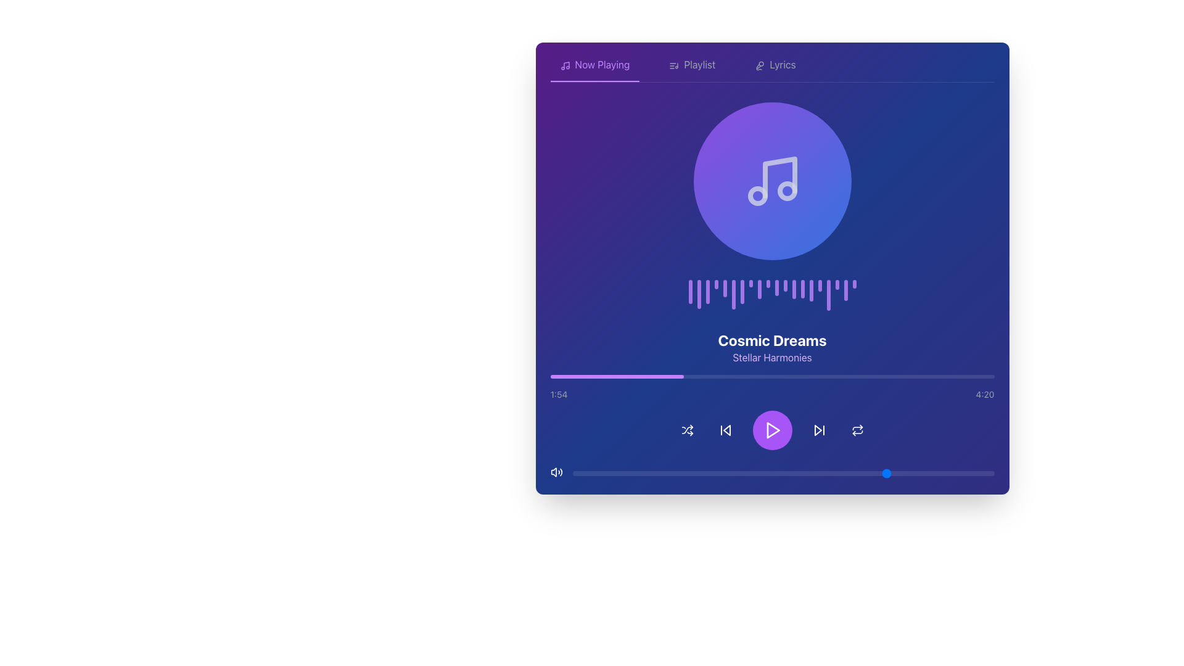 The width and height of the screenshot is (1184, 666). I want to click on the progress bar of the Media Playback Information Display to seek to a specific time, so click(771, 390).